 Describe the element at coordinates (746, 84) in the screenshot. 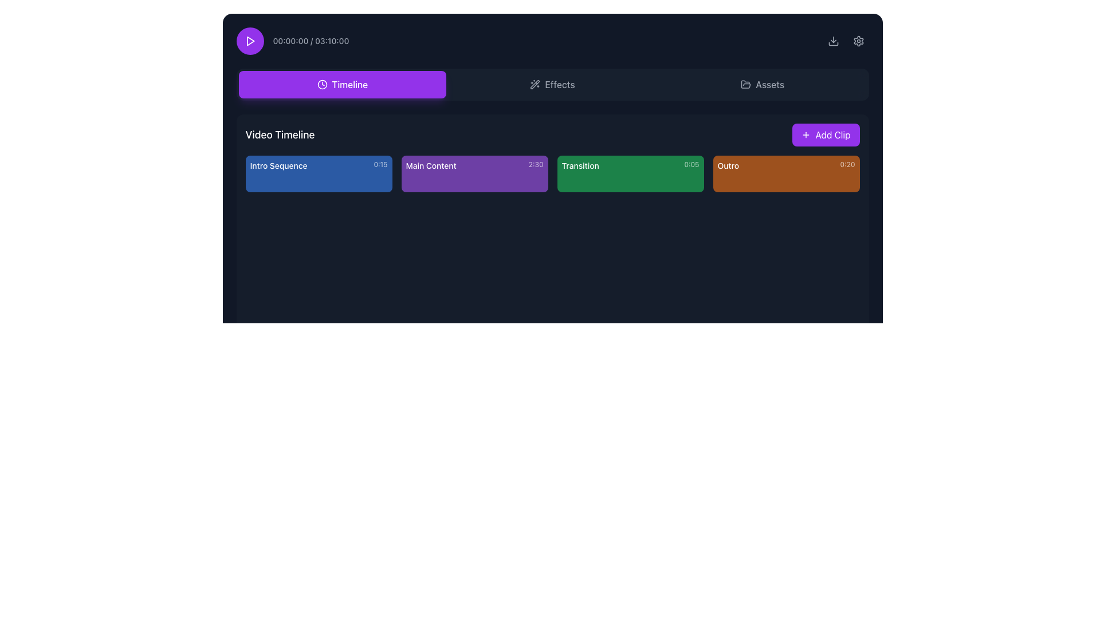

I see `the open folder icon located near the top-right corner of the interface` at that location.